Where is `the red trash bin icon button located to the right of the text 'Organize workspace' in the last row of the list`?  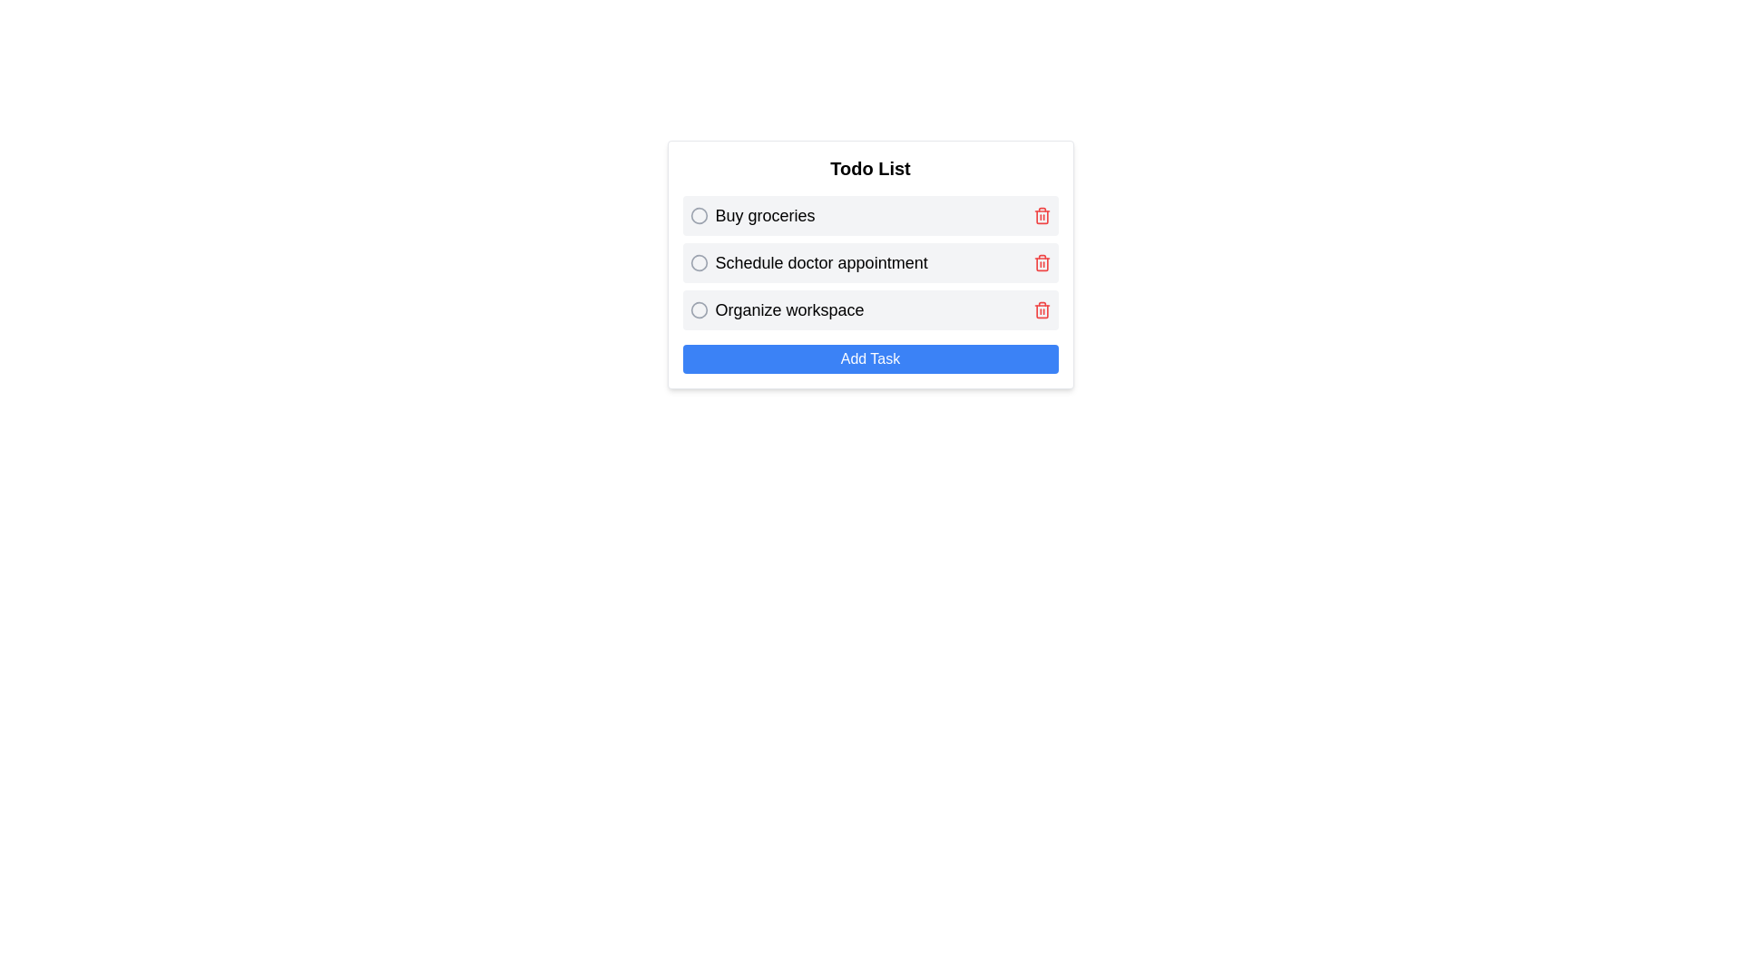
the red trash bin icon button located to the right of the text 'Organize workspace' in the last row of the list is located at coordinates (1042, 309).